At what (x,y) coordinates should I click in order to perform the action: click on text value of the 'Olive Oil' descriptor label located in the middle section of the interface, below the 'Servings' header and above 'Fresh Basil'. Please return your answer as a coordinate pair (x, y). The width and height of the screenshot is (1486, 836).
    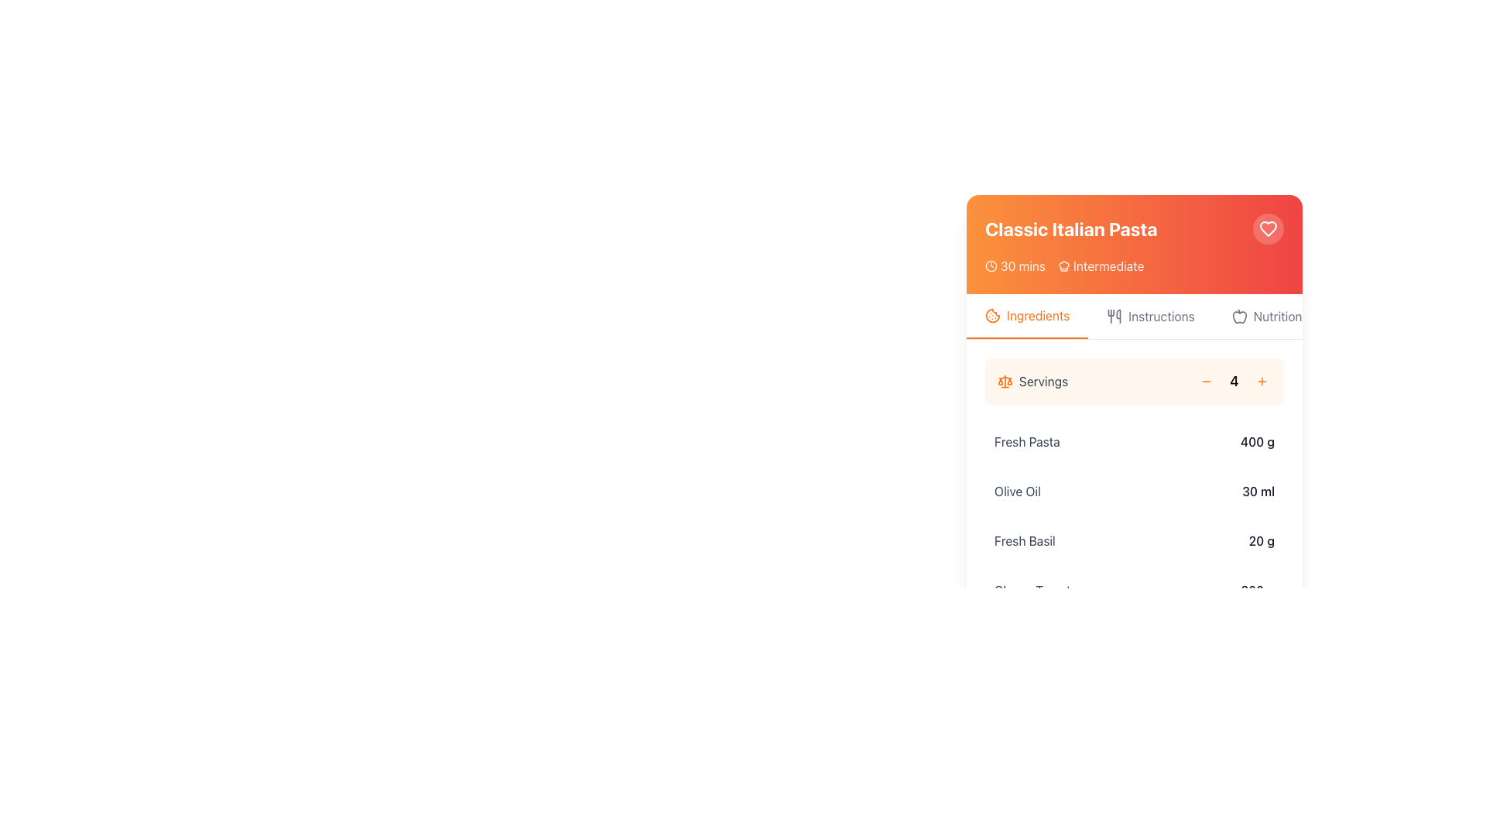
    Looking at the image, I should click on (1134, 482).